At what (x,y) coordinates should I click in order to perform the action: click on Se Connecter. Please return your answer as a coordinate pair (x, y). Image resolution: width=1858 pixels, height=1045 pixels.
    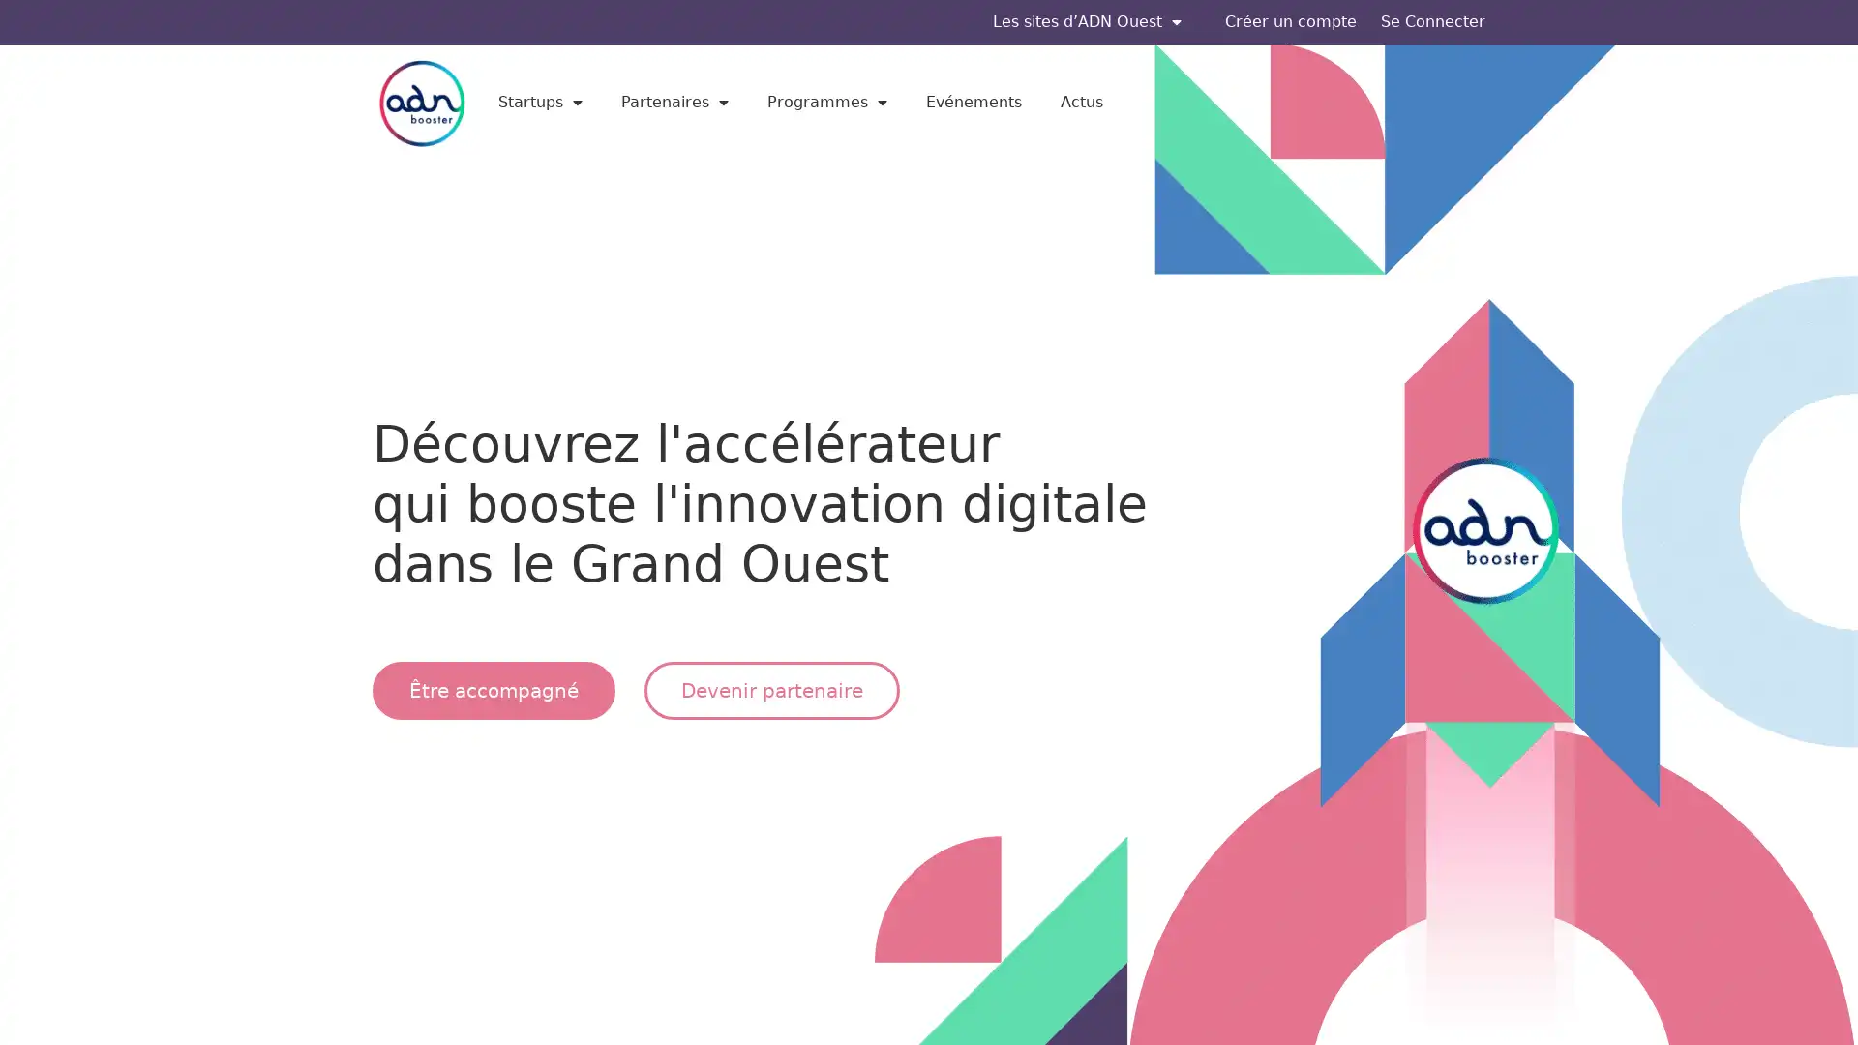
    Looking at the image, I should click on (1433, 22).